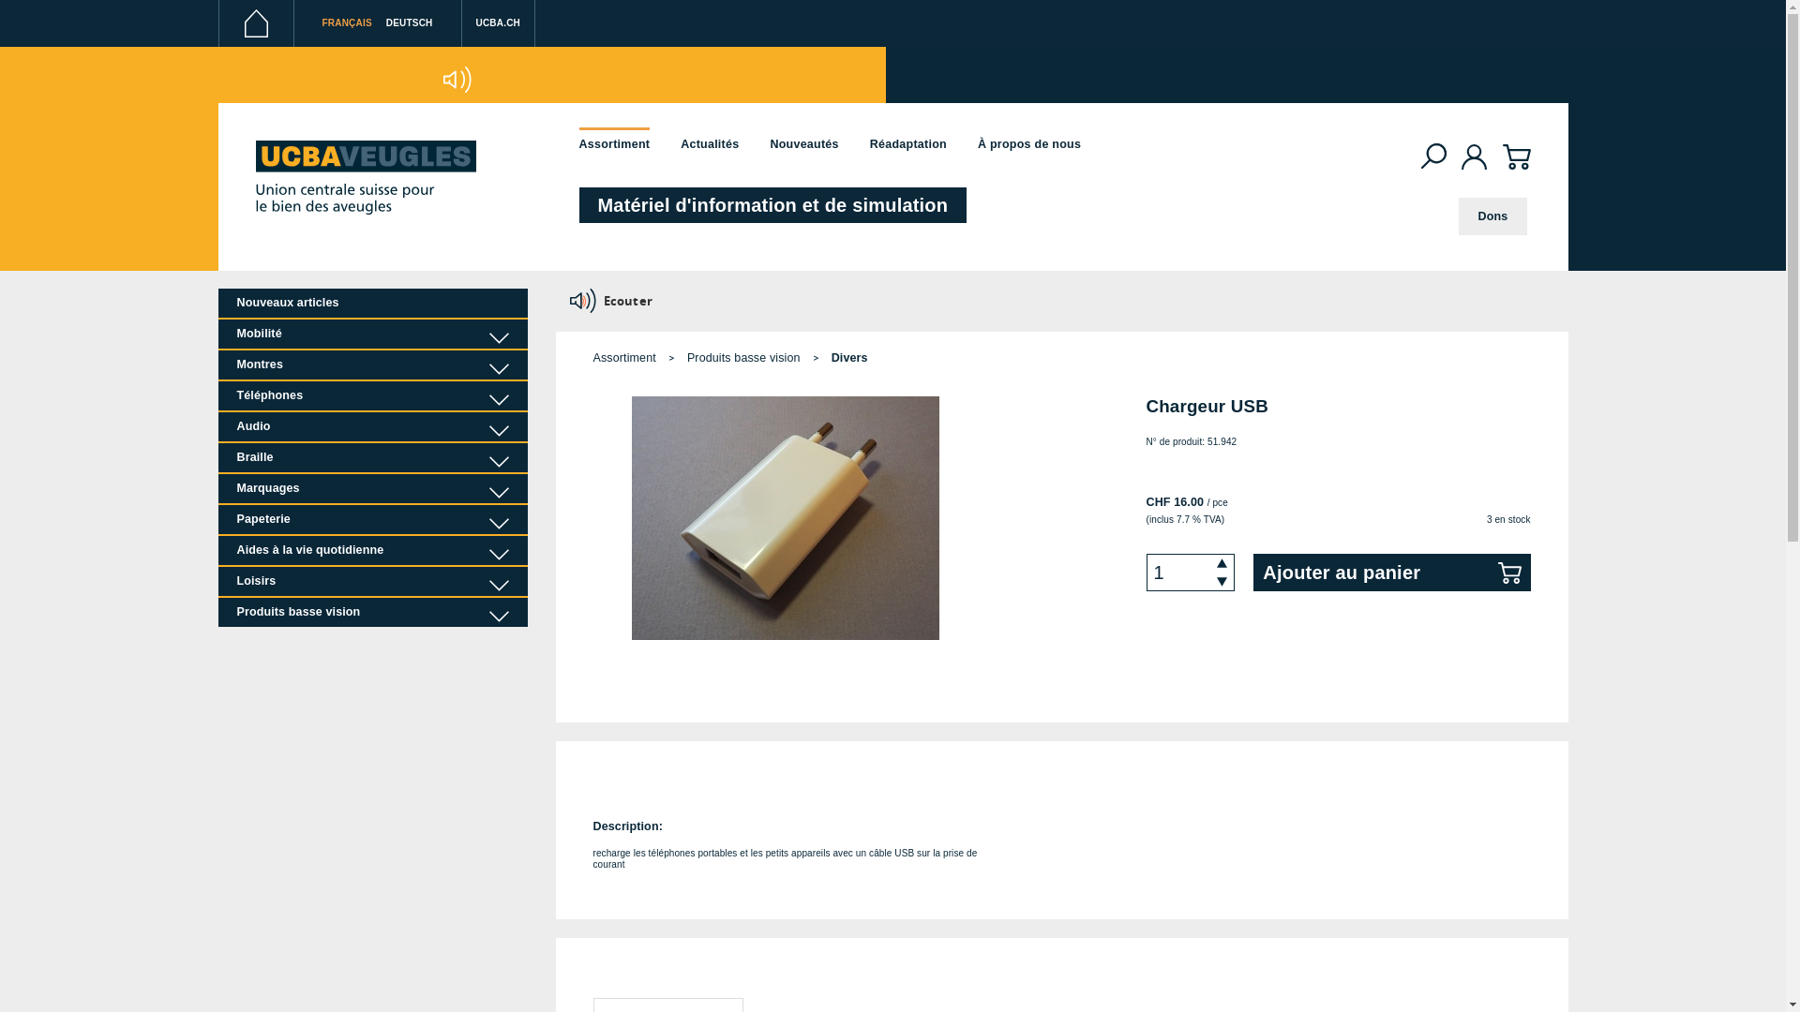 The height and width of the screenshot is (1012, 1800). Describe the element at coordinates (254, 22) in the screenshot. I see `'Home'` at that location.